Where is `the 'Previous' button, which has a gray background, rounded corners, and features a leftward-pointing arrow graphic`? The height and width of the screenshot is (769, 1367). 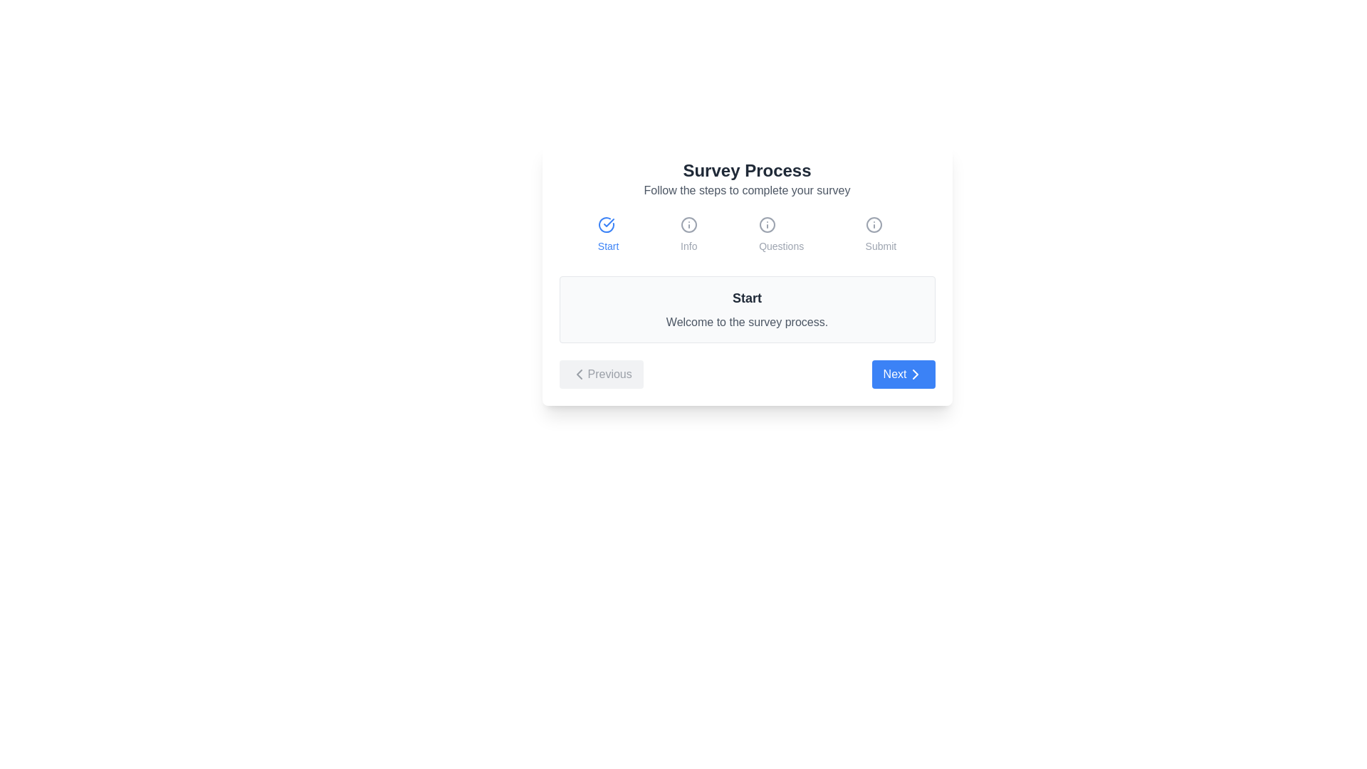 the 'Previous' button, which has a gray background, rounded corners, and features a leftward-pointing arrow graphic is located at coordinates (601, 373).